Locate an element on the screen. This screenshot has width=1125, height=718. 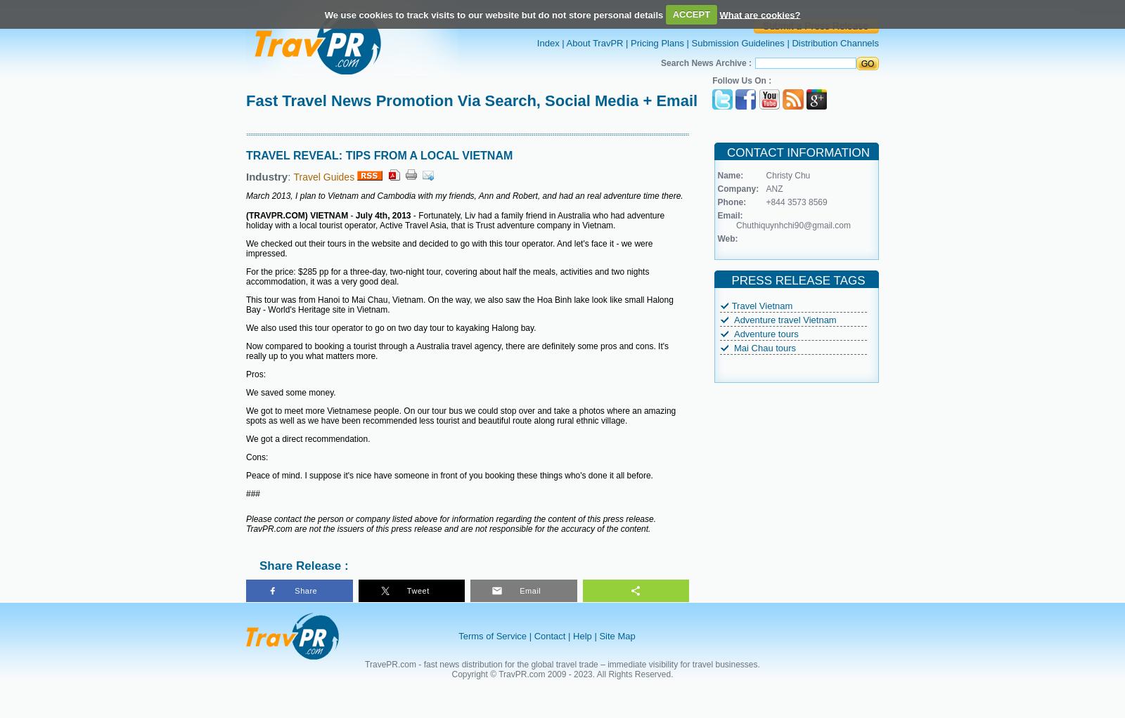
'Share' is located at coordinates (294, 591).